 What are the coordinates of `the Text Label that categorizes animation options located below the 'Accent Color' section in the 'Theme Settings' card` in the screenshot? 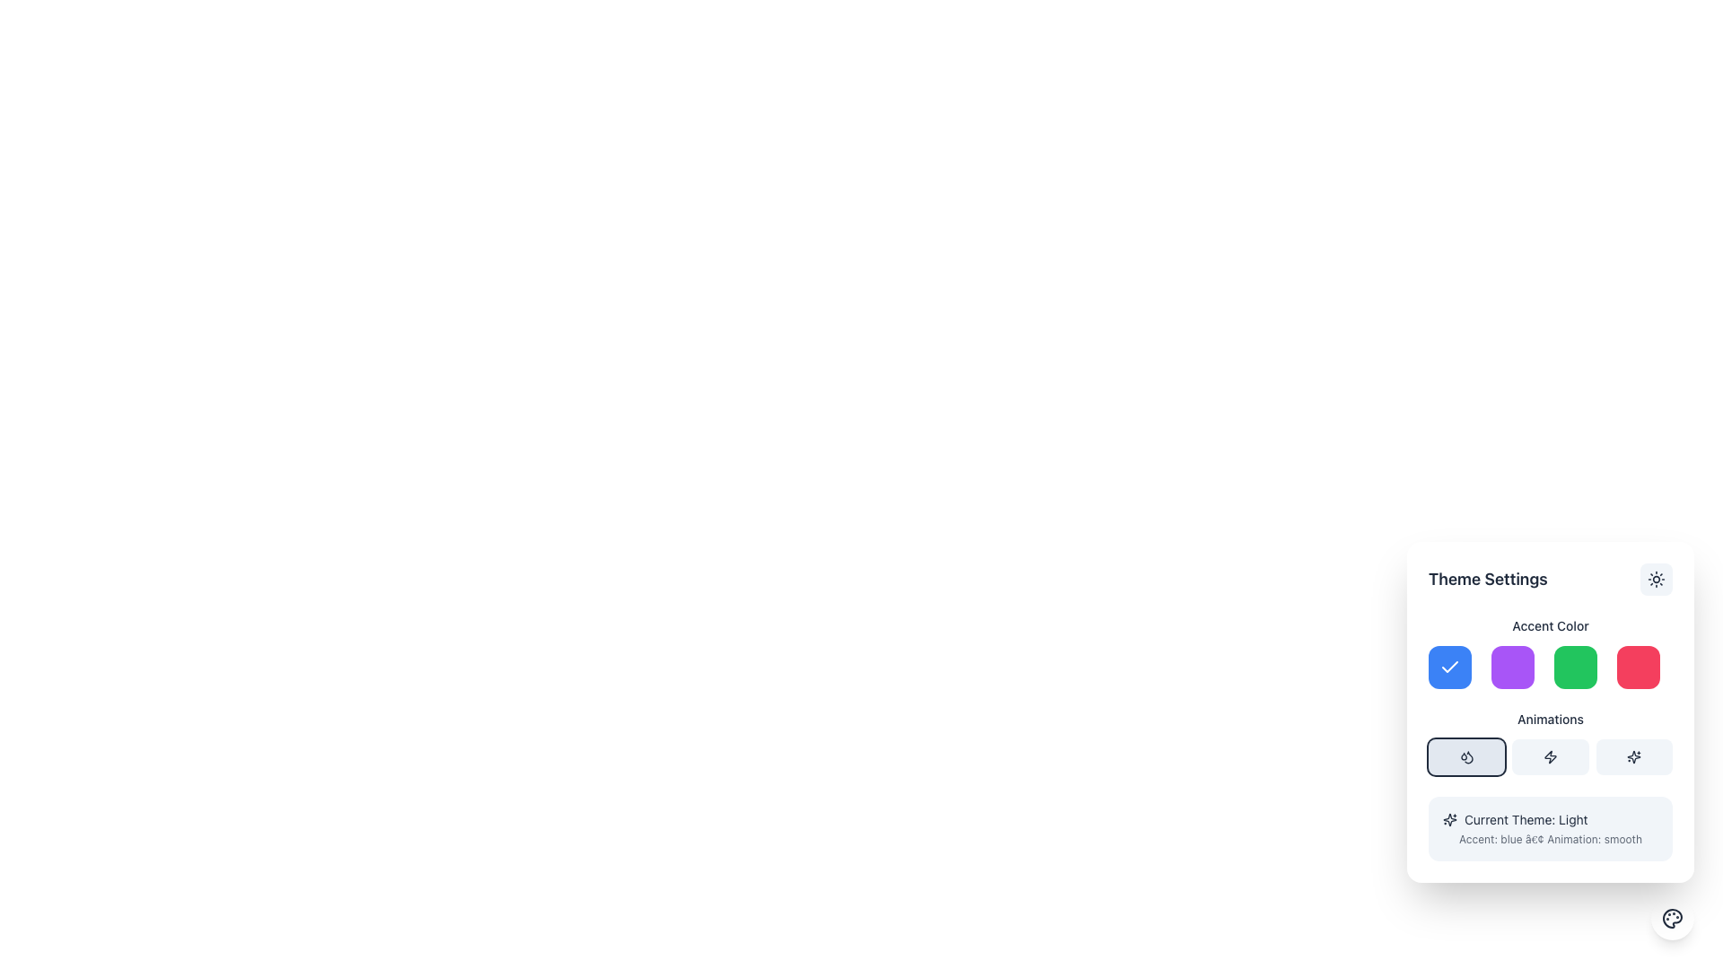 It's located at (1550, 711).